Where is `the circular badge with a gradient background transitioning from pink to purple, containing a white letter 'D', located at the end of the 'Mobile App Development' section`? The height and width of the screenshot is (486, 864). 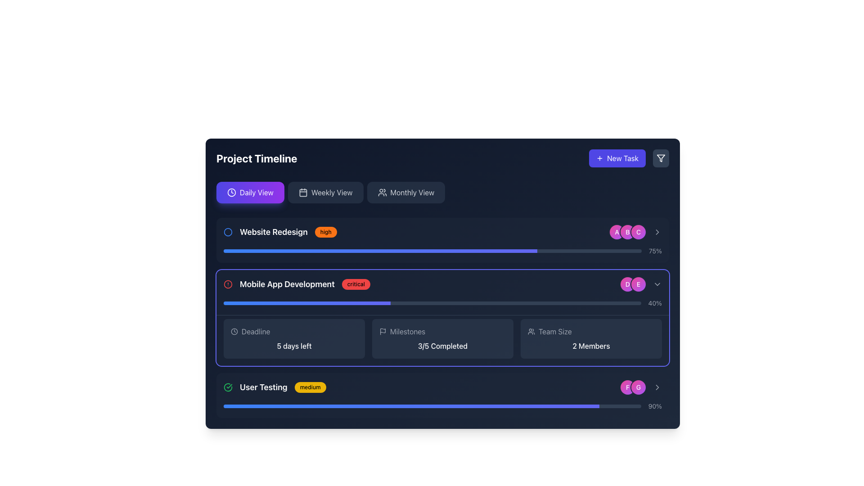
the circular badge with a gradient background transitioning from pink to purple, containing a white letter 'D', located at the end of the 'Mobile App Development' section is located at coordinates (627, 284).